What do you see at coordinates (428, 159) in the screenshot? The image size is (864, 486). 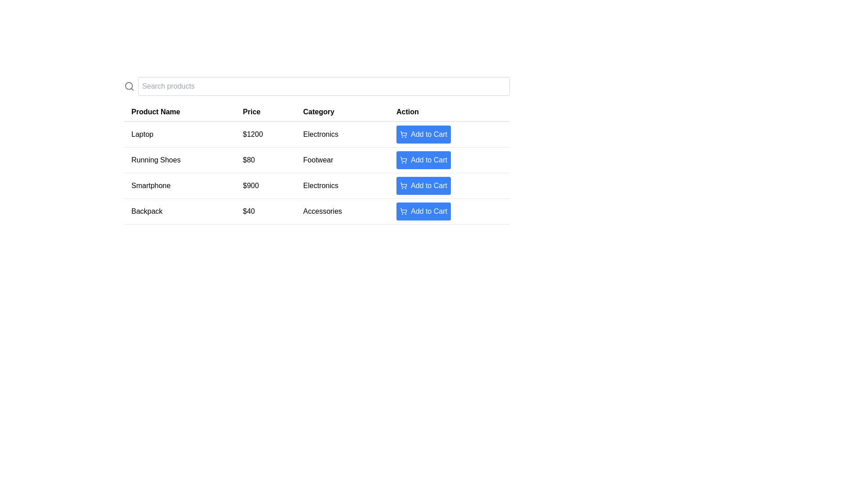 I see `the 'Add to Cart' text label within the button styled with a blue background, located in the 'Action' column of the second row for the 'Running Shoes' product` at bounding box center [428, 159].